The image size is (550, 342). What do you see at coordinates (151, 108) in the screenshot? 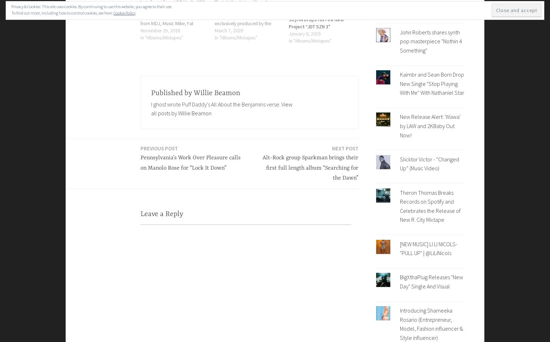
I see `'View all posts by Willie Beamon'` at bounding box center [151, 108].